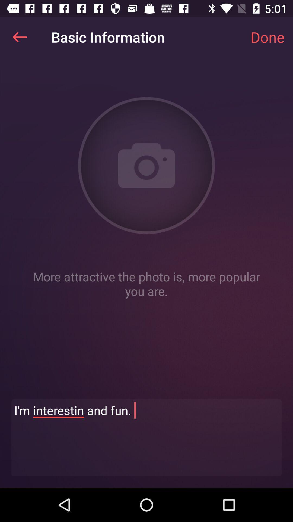 The height and width of the screenshot is (522, 293). I want to click on go back, so click(20, 37).